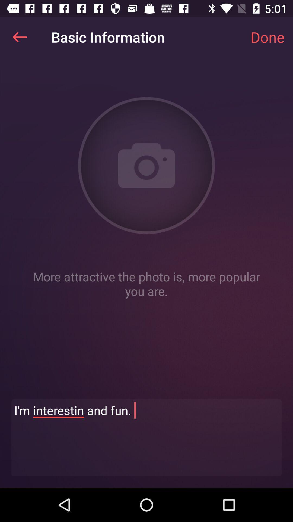 The height and width of the screenshot is (522, 293). I want to click on go back, so click(20, 37).